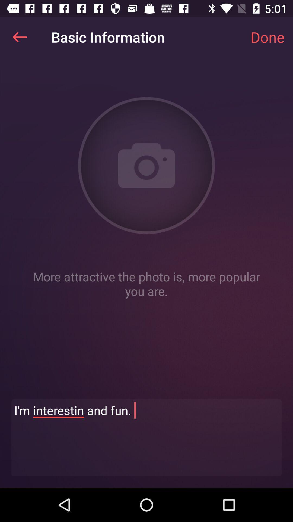 The height and width of the screenshot is (522, 293). I want to click on go back, so click(20, 37).